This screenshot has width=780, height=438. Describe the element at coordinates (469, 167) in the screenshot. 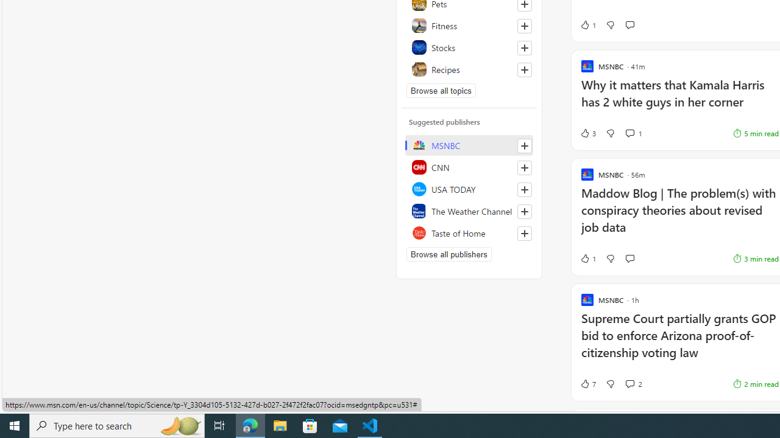

I see `'CNN'` at that location.